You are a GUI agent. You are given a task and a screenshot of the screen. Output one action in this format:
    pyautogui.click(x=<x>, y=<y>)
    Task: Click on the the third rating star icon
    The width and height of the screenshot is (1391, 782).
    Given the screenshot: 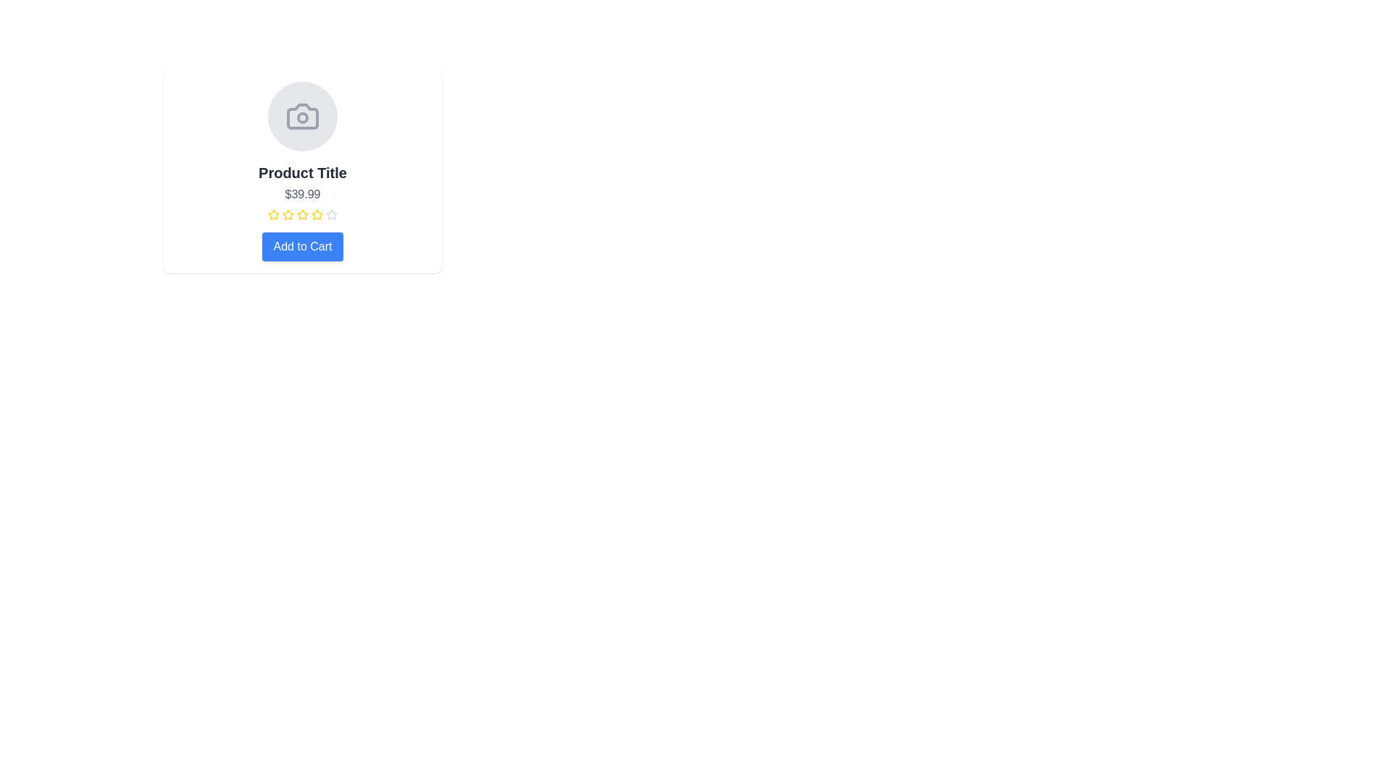 What is the action you would take?
    pyautogui.click(x=301, y=214)
    